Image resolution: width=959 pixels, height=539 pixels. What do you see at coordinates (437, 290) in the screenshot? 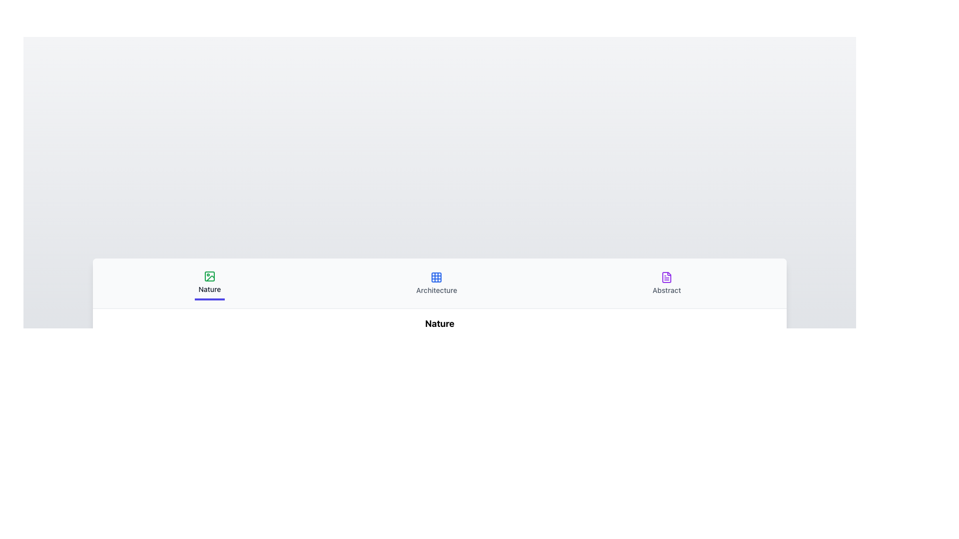
I see `the text label displaying 'Architecture'` at bounding box center [437, 290].